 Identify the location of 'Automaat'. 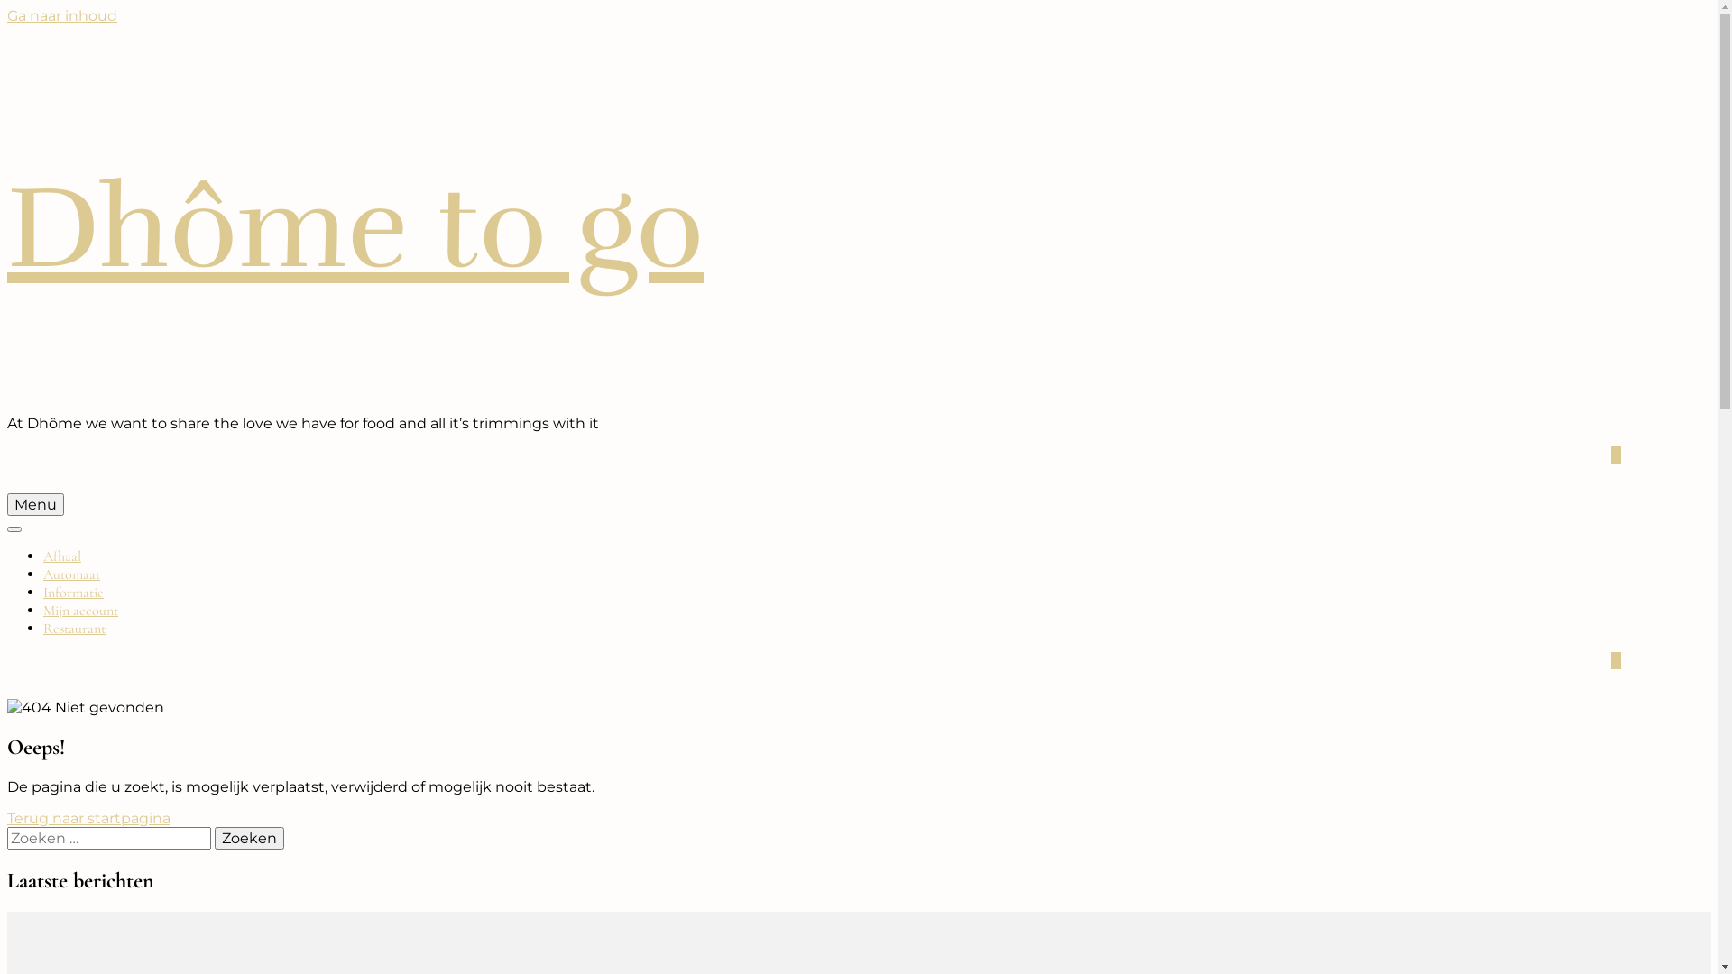
(71, 574).